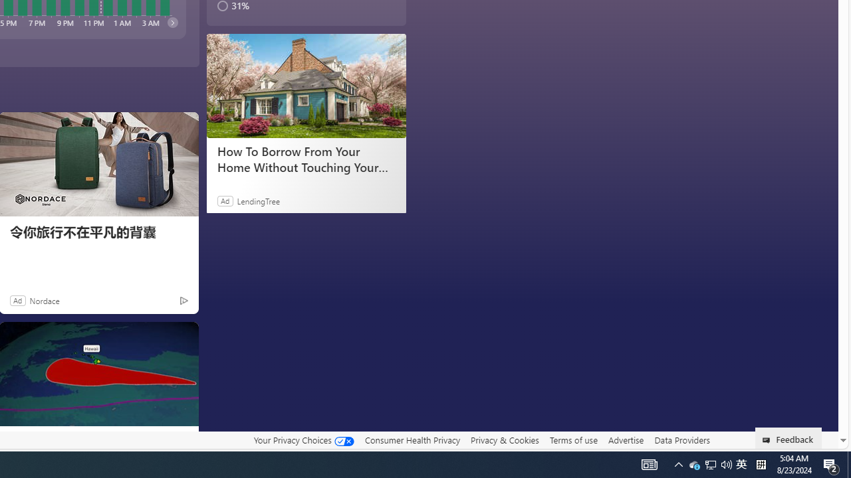  What do you see at coordinates (303, 439) in the screenshot?
I see `'Your Privacy Choices'` at bounding box center [303, 439].